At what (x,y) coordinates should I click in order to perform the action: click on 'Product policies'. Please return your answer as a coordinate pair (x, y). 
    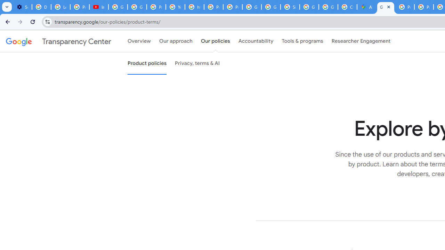
    Looking at the image, I should click on (147, 64).